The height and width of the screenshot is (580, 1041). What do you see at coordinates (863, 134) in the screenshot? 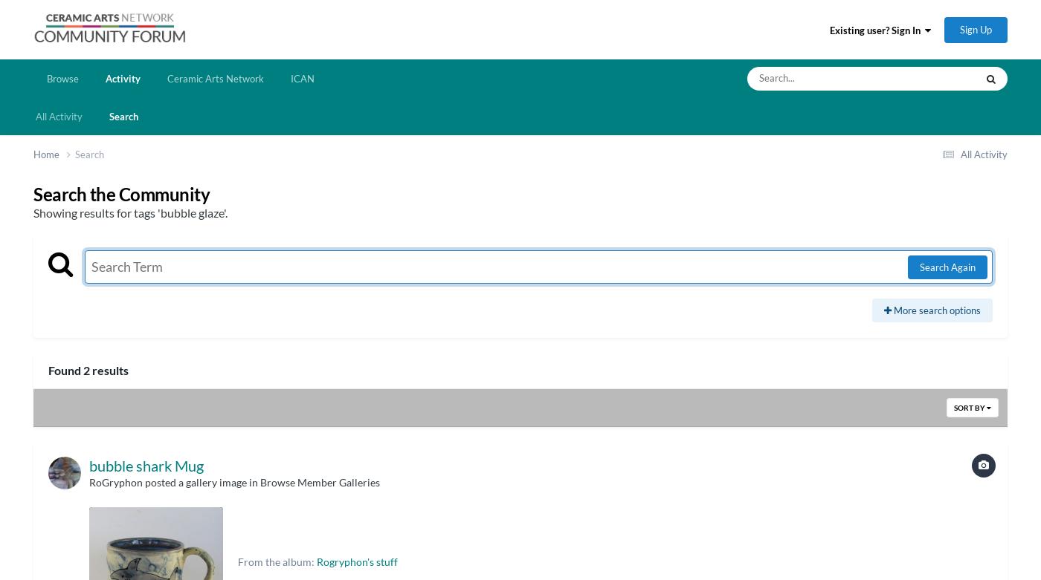
I see `'Status Updates'` at bounding box center [863, 134].